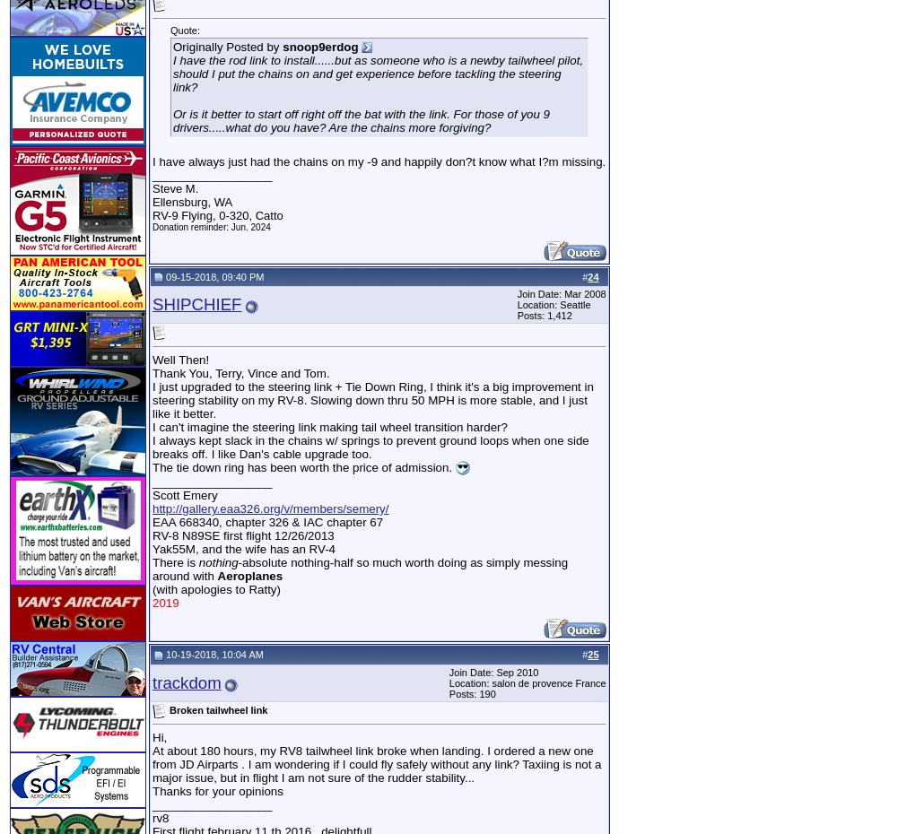 This screenshot has height=834, width=898. Describe the element at coordinates (240, 372) in the screenshot. I see `'Thank You, Terry, Vince and Tom.'` at that location.